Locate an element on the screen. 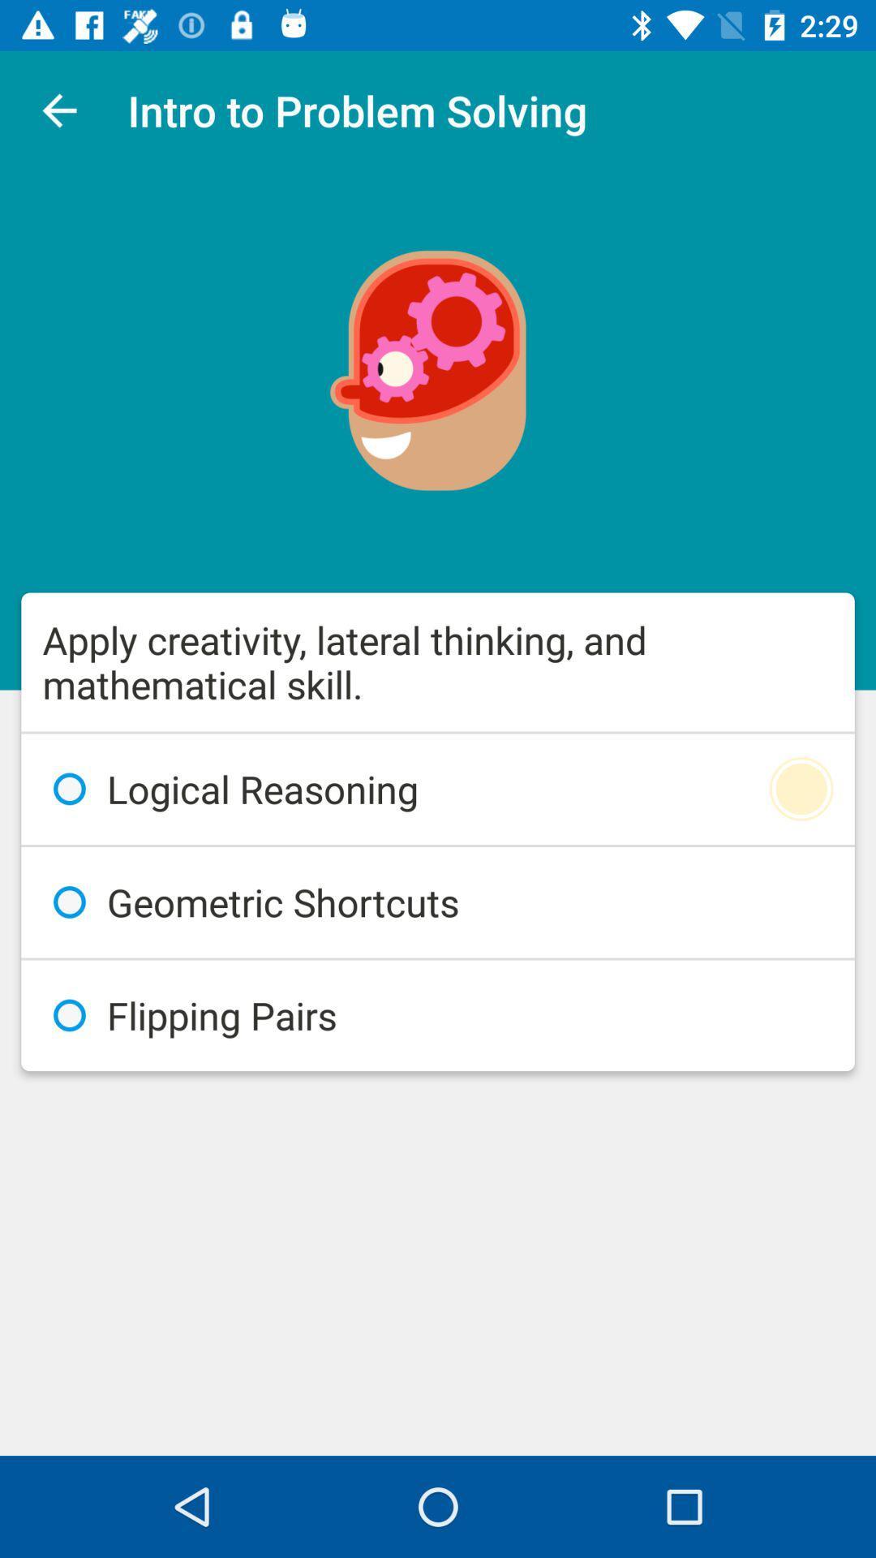  the icon next to the intro to problem app is located at coordinates (58, 110).